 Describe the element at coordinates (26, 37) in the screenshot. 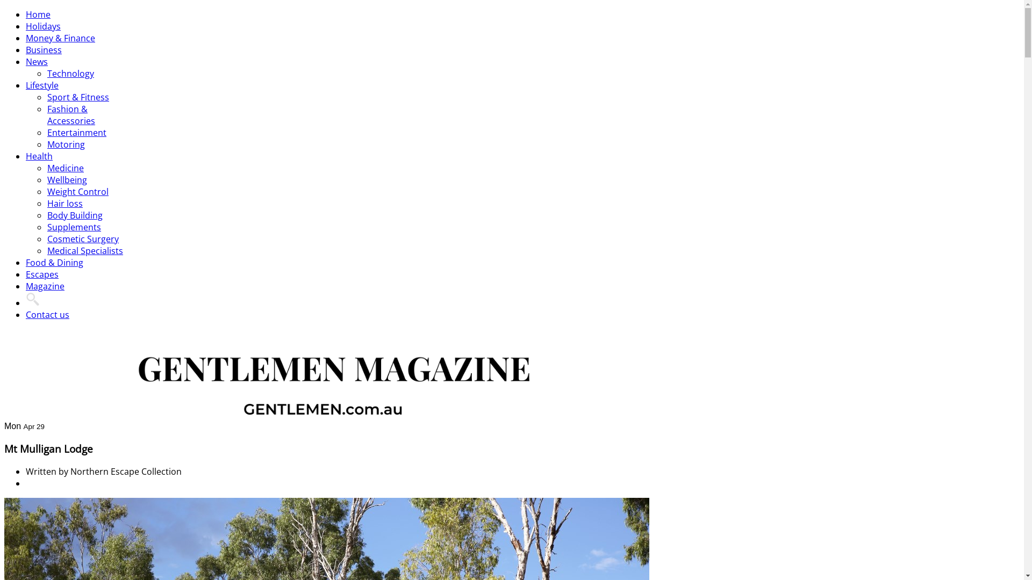

I see `'Money & Finance'` at that location.